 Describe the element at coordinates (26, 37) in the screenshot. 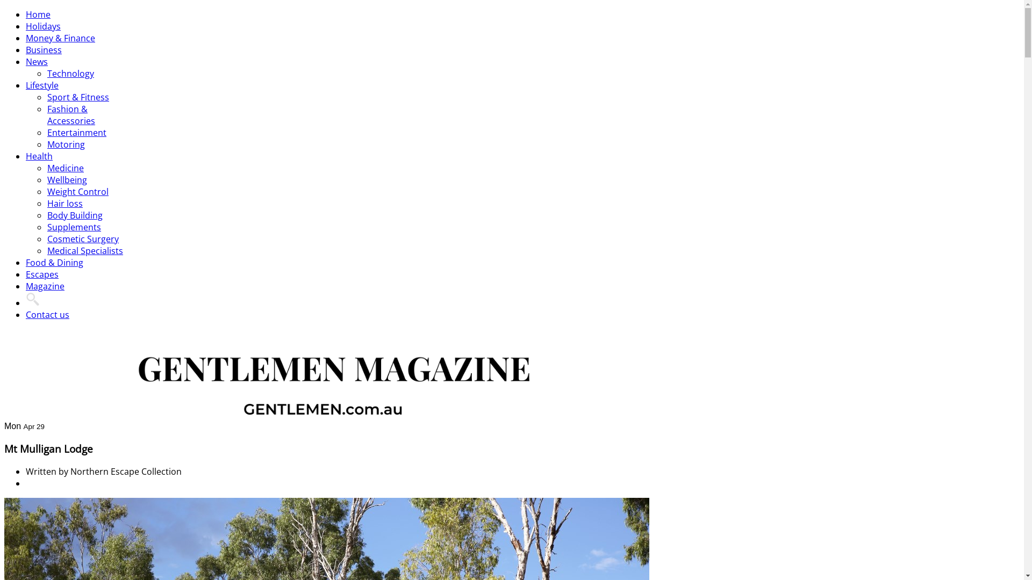

I see `'Money & Finance'` at that location.